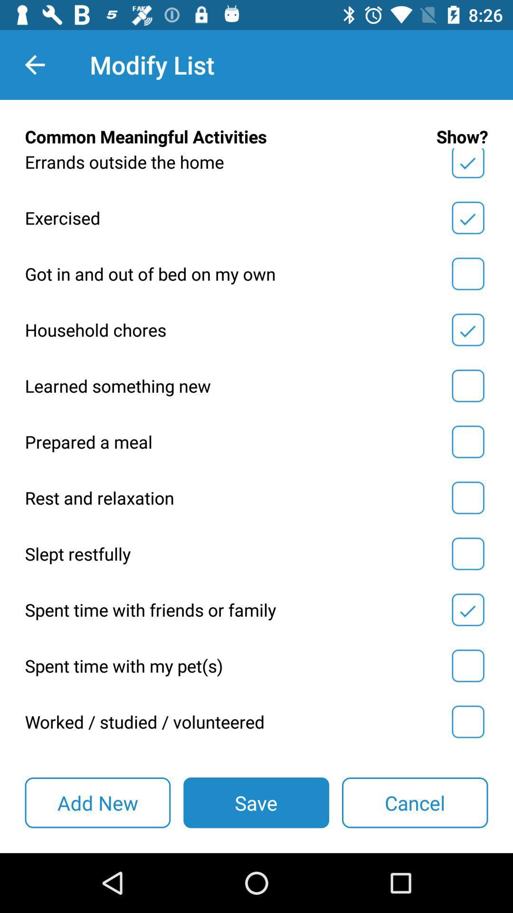  What do you see at coordinates (467, 273) in the screenshot?
I see `check mark to box` at bounding box center [467, 273].